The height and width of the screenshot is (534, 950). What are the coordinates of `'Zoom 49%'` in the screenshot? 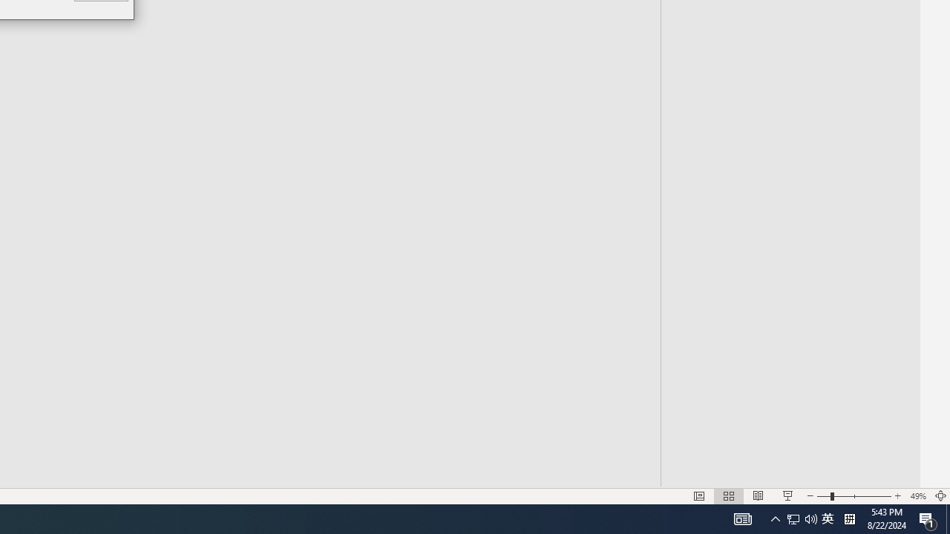 It's located at (917, 496).